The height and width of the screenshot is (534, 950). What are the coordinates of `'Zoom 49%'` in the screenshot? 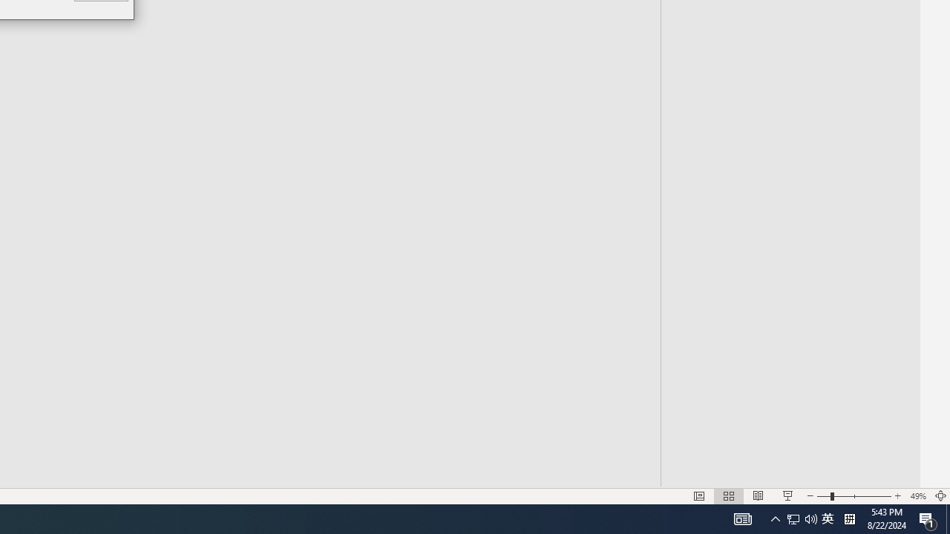 It's located at (917, 496).